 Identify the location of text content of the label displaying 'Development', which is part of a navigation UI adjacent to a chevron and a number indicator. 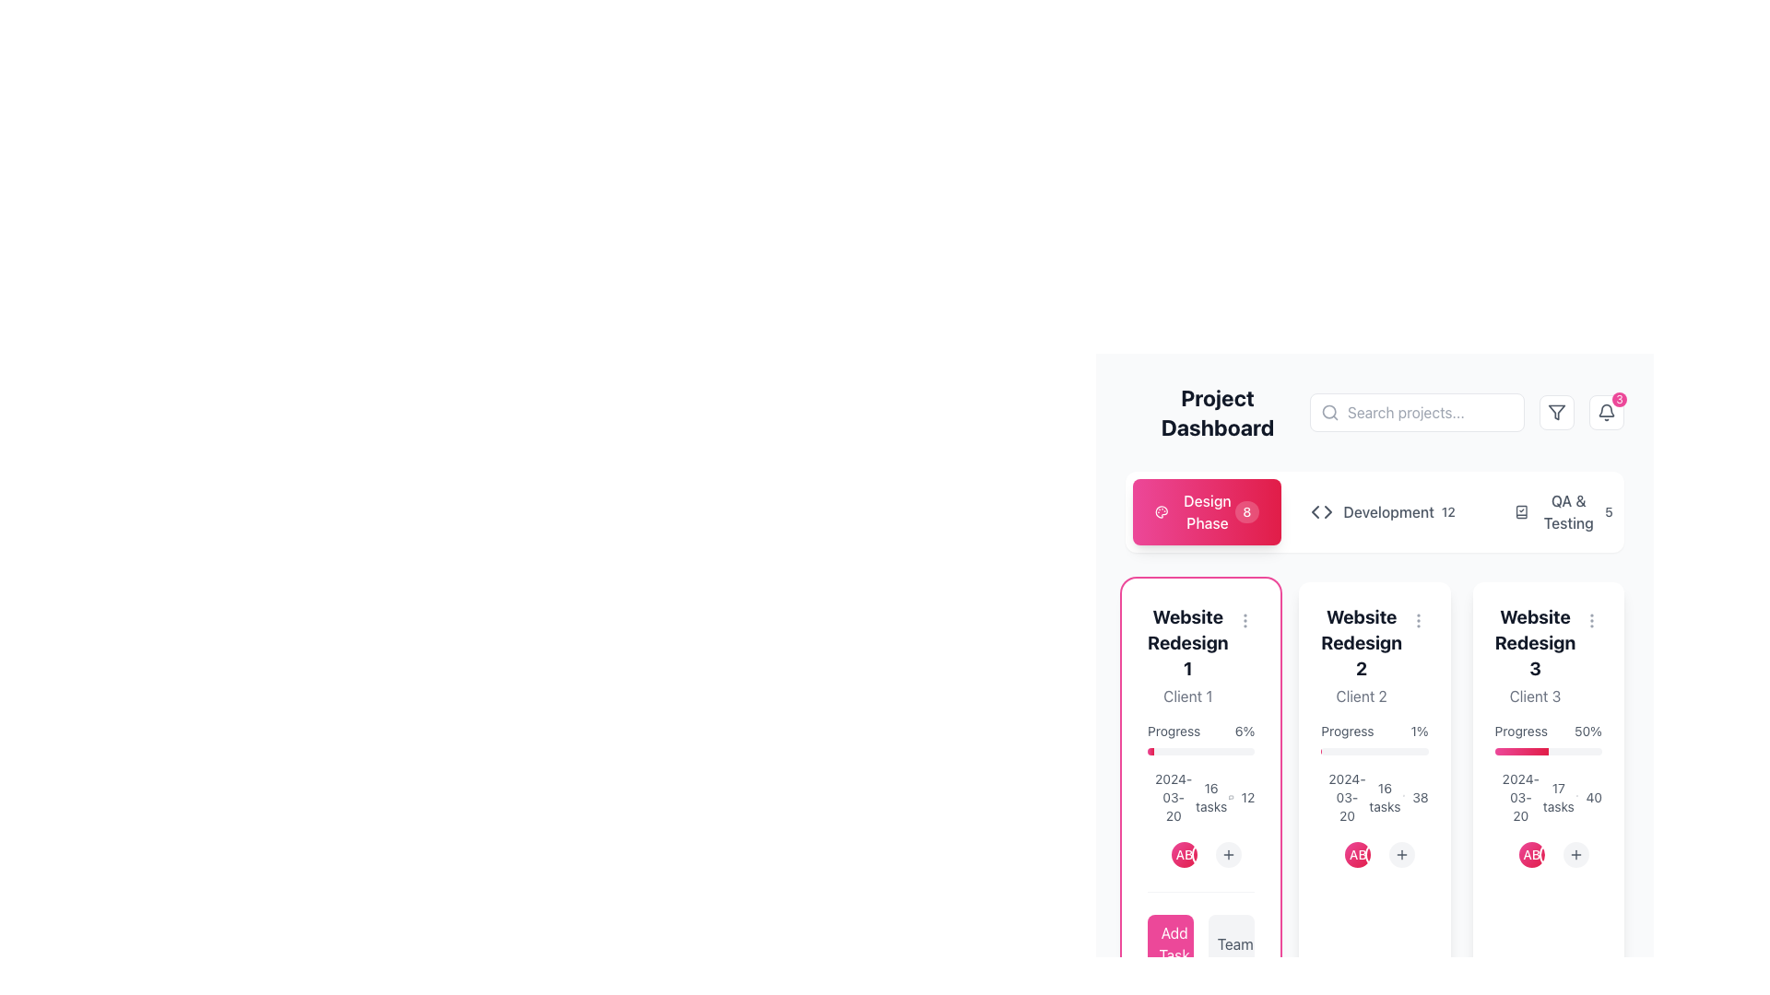
(1388, 511).